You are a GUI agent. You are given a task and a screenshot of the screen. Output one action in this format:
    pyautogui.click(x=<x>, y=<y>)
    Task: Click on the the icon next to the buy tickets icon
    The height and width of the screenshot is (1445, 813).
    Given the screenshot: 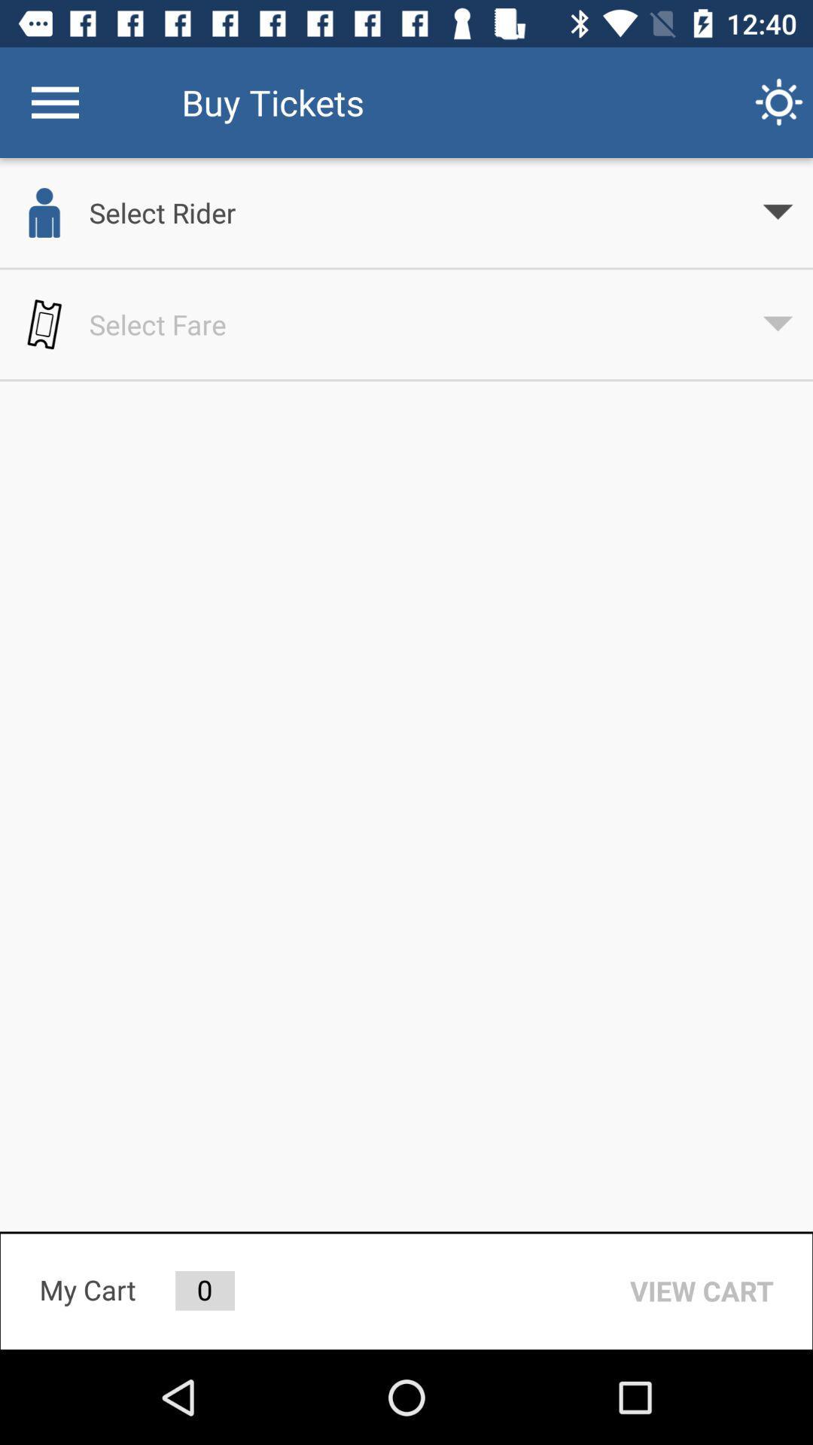 What is the action you would take?
    pyautogui.click(x=54, y=102)
    